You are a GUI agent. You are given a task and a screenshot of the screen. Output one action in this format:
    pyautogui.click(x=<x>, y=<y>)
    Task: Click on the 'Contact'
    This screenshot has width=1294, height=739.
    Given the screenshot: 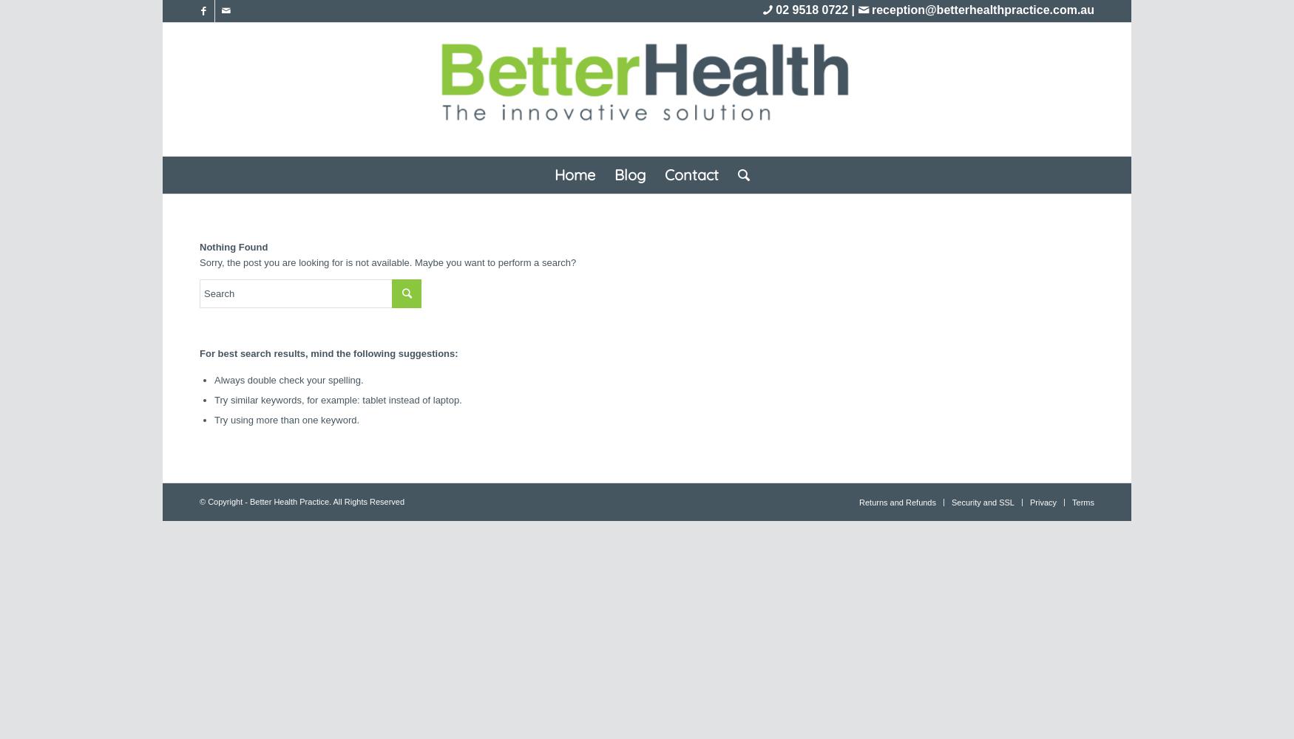 What is the action you would take?
    pyautogui.click(x=690, y=174)
    